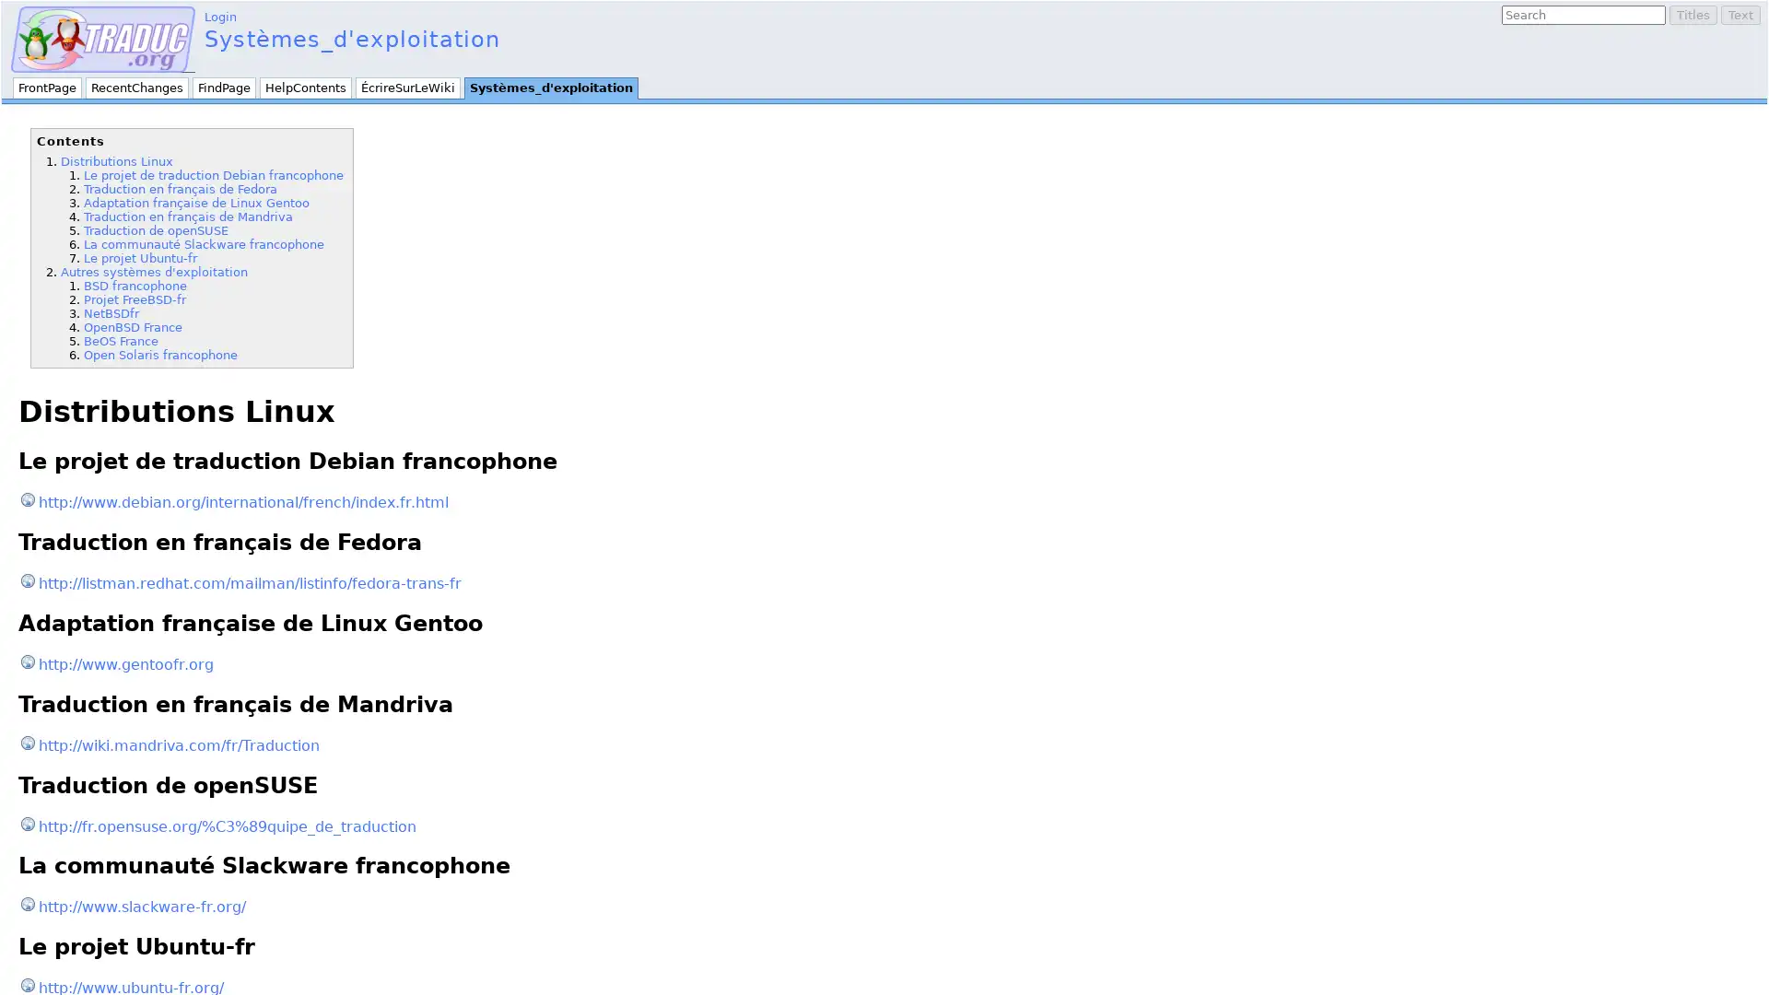 This screenshot has width=1769, height=995. Describe the element at coordinates (1740, 15) in the screenshot. I see `Text` at that location.